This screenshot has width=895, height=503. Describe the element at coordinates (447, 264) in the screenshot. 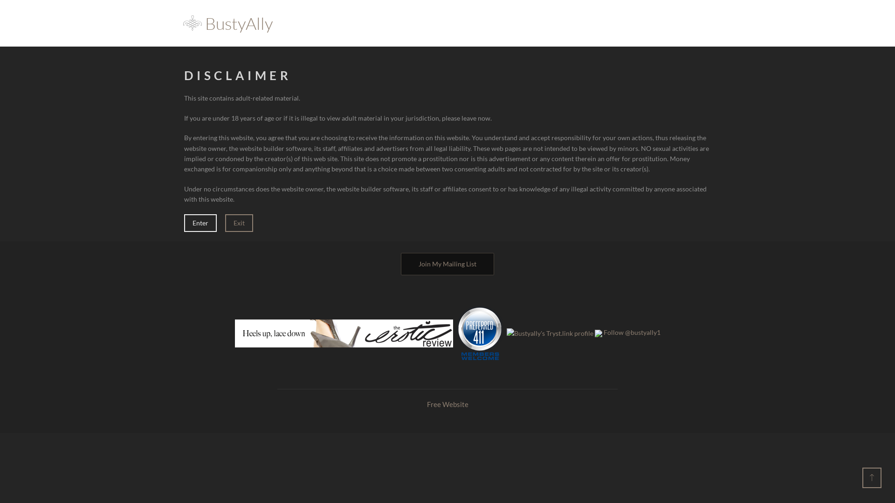

I see `'Join My Mailing List'` at that location.